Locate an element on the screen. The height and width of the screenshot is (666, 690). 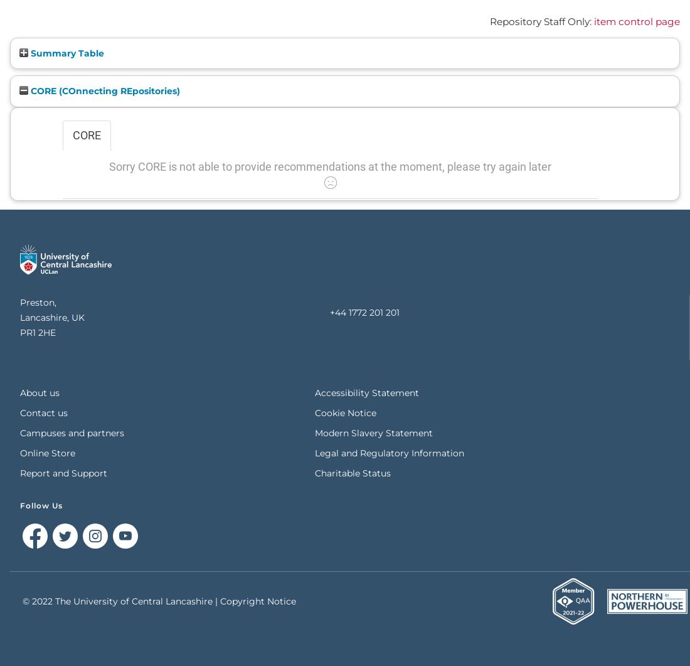
'+44 1772 201 201' is located at coordinates (363, 311).